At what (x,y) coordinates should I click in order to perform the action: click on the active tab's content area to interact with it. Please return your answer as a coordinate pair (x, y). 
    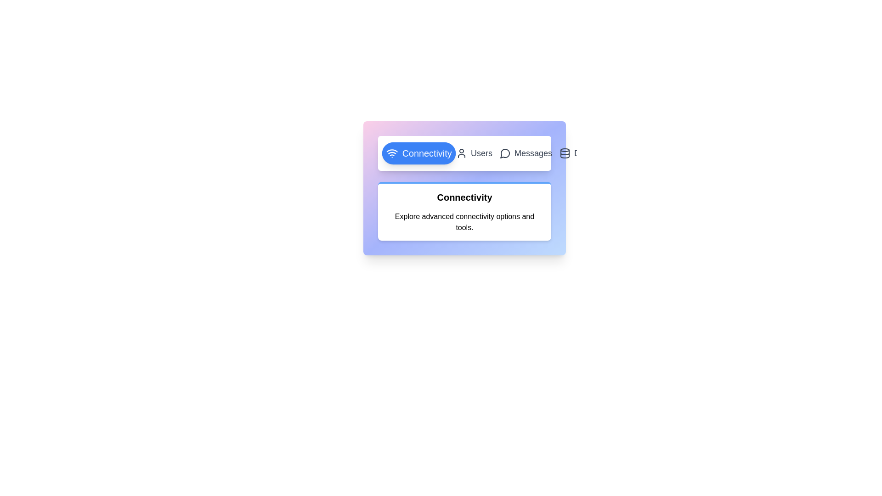
    Looking at the image, I should click on (464, 211).